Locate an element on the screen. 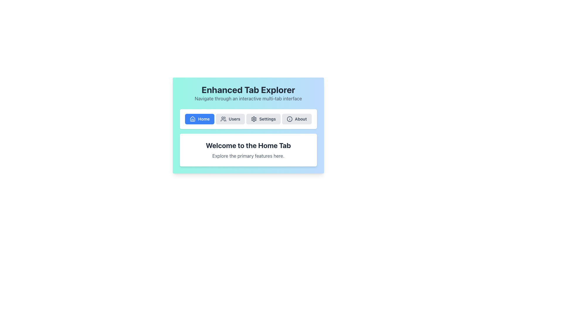 This screenshot has height=316, width=563. the 'About' icon within the navigation button located centrally in the interface is located at coordinates (289, 119).